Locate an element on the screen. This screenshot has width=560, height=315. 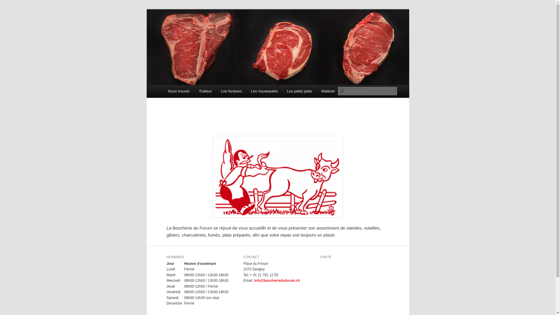
'Recherche' is located at coordinates (13, 3).